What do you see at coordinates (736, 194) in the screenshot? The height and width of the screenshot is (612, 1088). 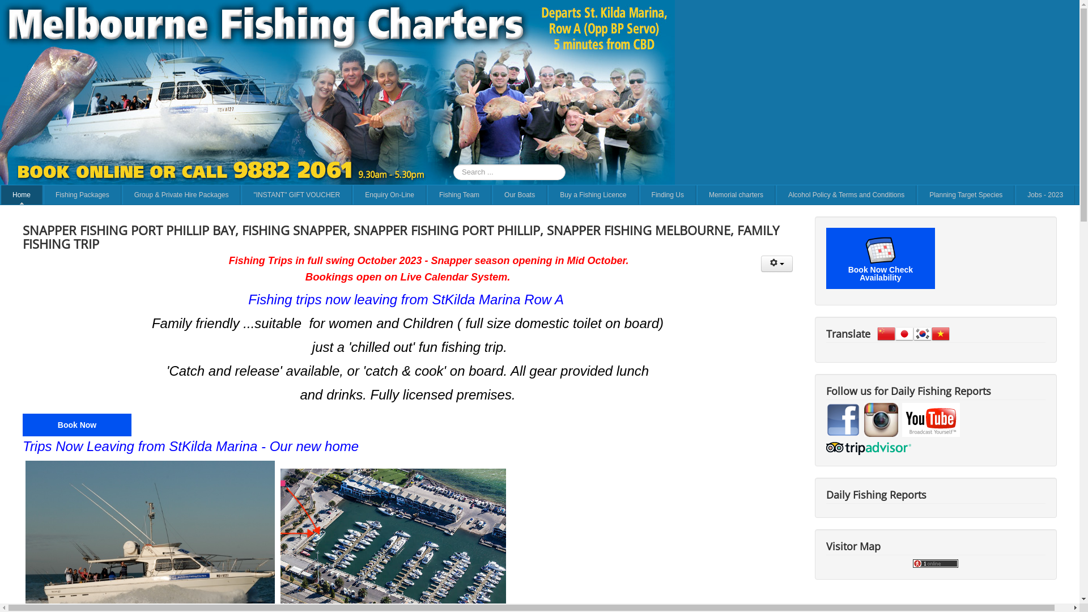 I see `'Memorial charters'` at bounding box center [736, 194].